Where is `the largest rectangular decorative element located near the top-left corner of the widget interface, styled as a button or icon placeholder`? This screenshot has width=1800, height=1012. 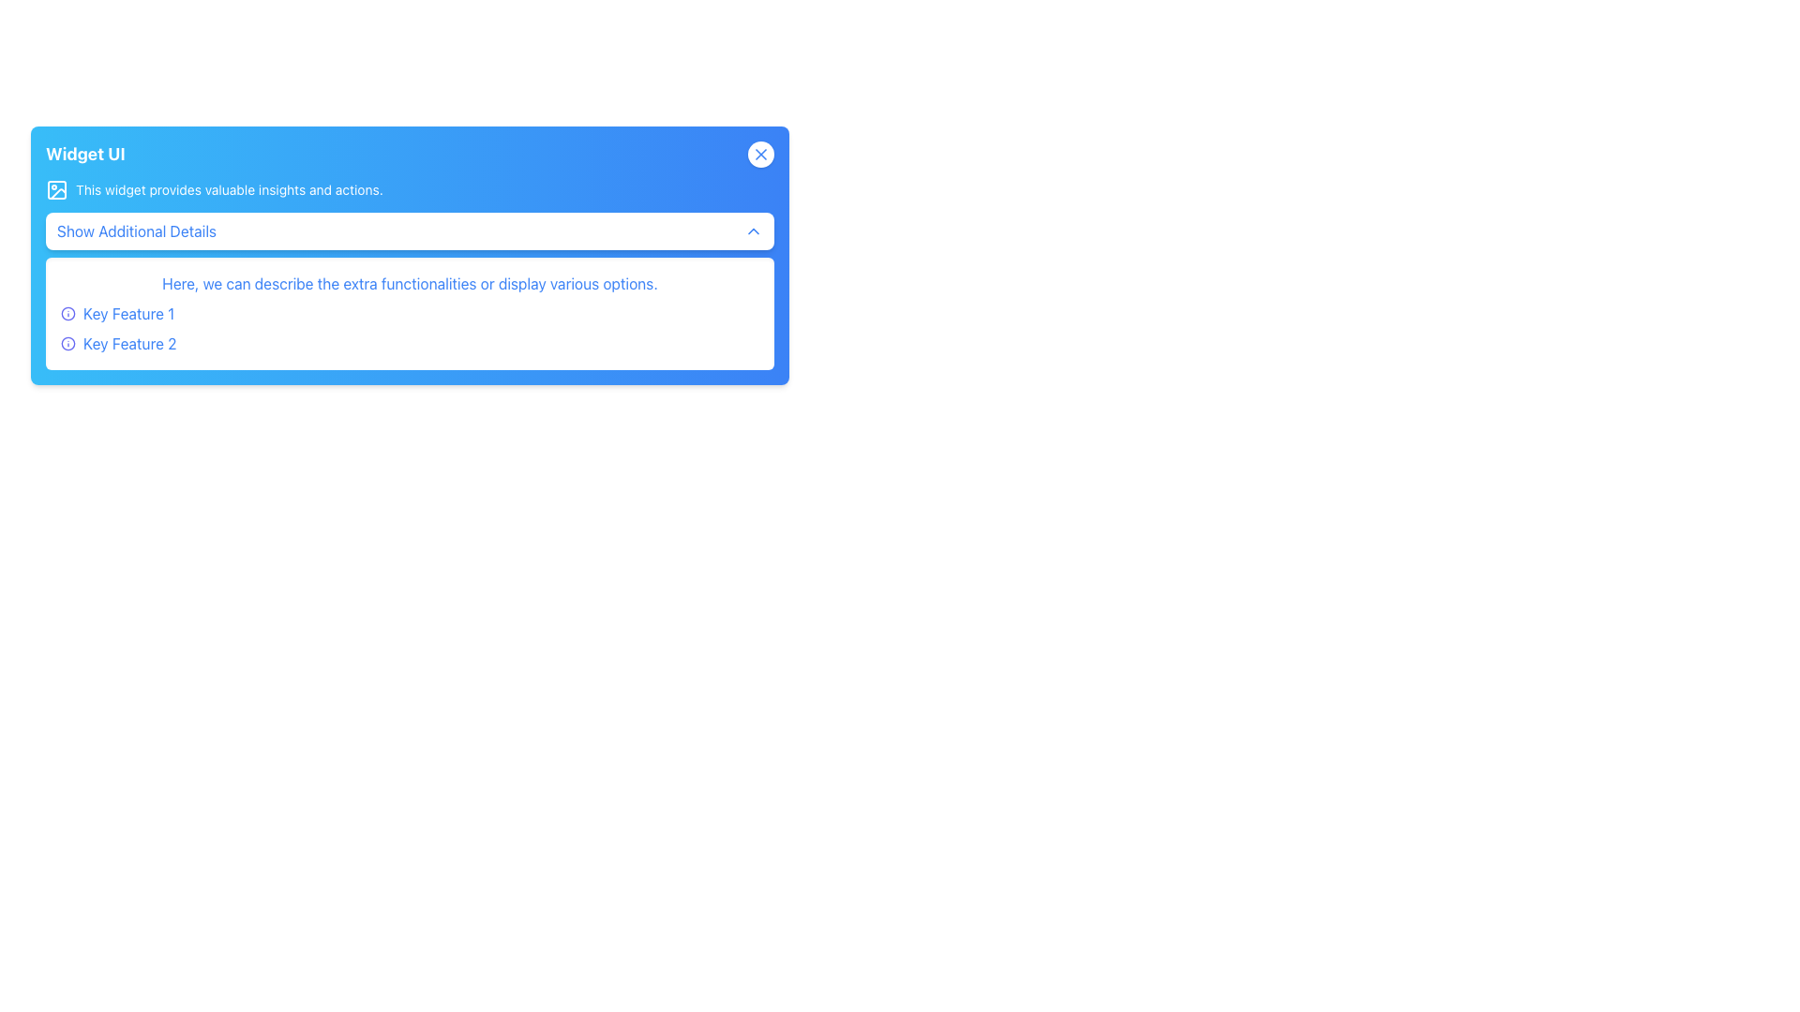
the largest rectangular decorative element located near the top-left corner of the widget interface, styled as a button or icon placeholder is located at coordinates (57, 190).